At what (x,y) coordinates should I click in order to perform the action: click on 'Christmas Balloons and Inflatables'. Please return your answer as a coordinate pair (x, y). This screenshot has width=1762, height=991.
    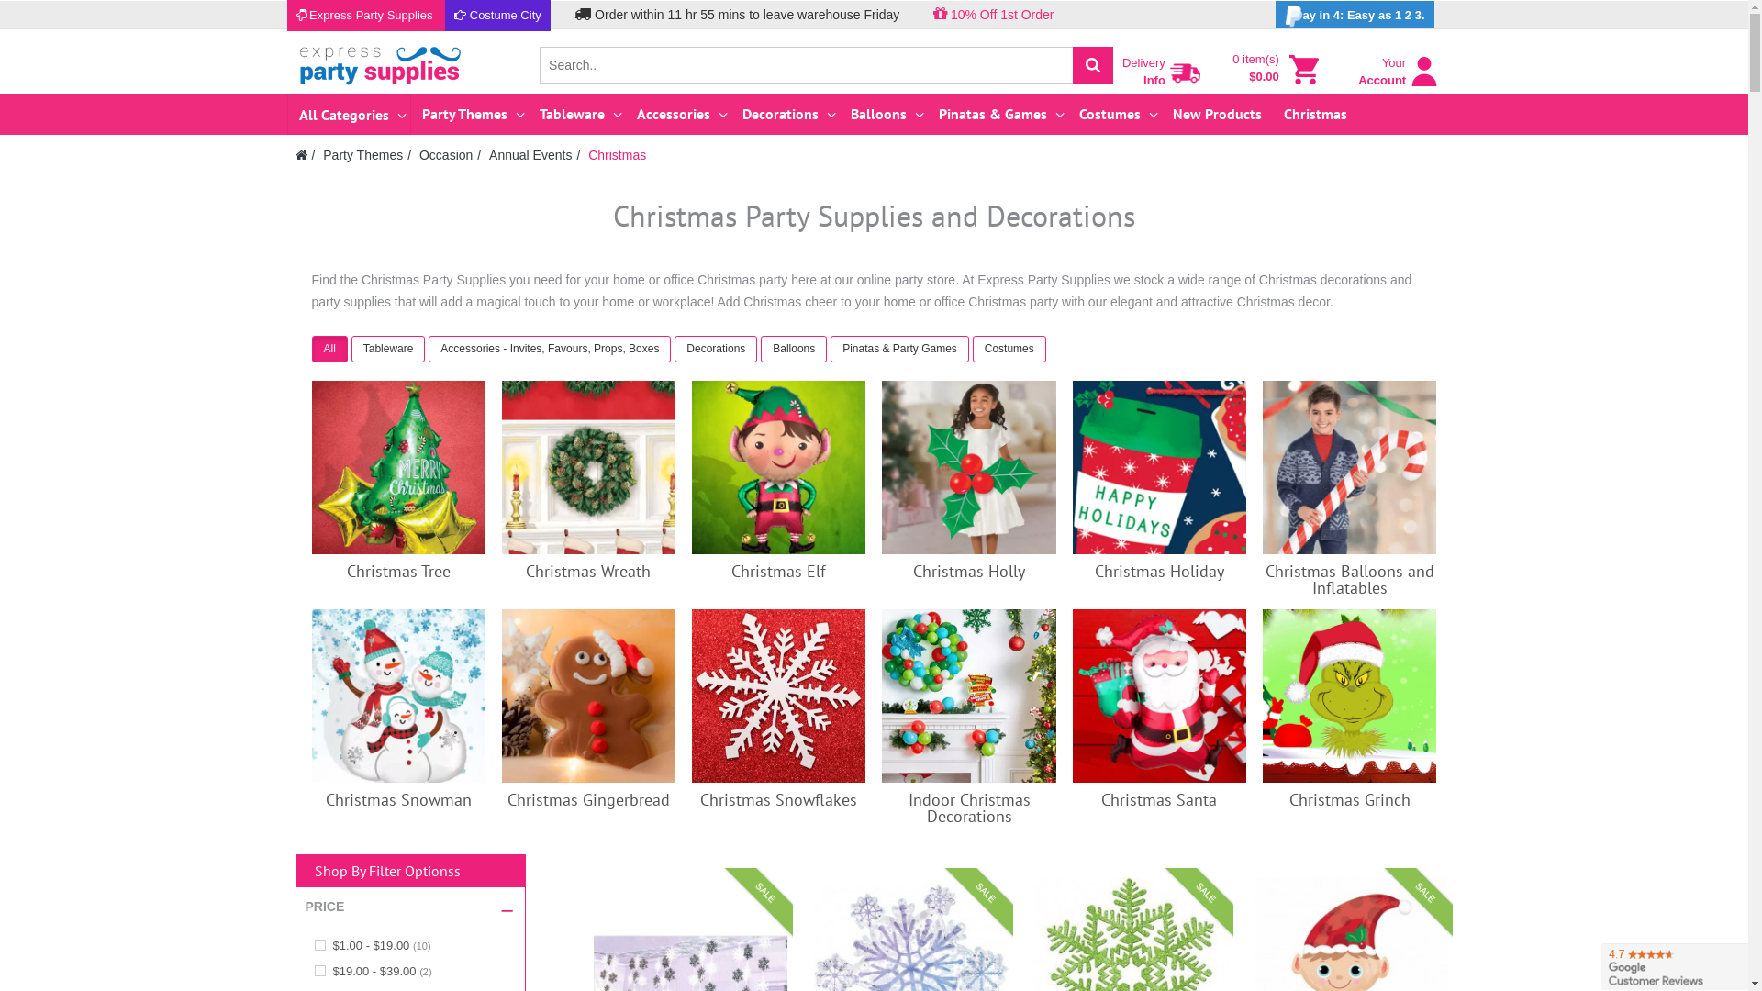
    Looking at the image, I should click on (1262, 466).